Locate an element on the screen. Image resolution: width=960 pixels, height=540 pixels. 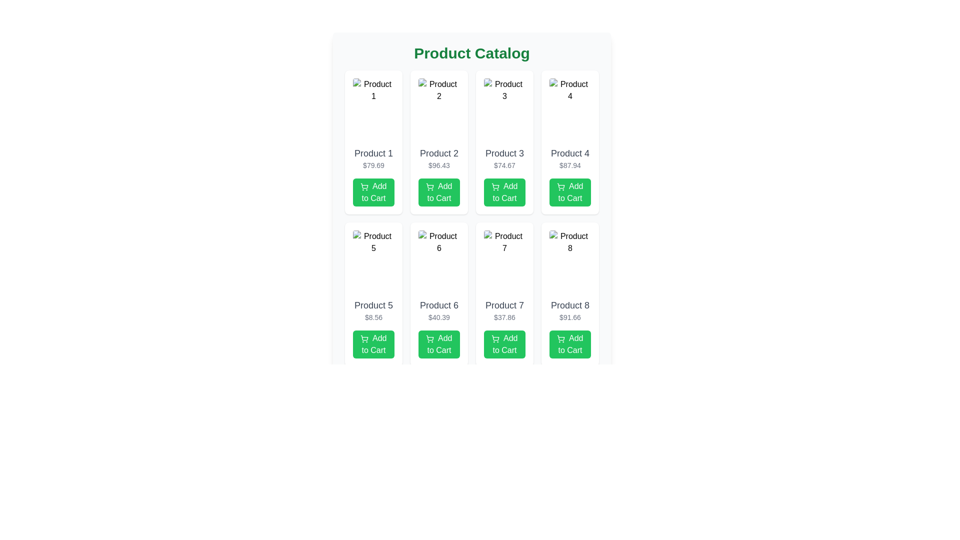
the 'Add to Cart' button, which is a rectangular button with rounded corners, displaying white text and a shopping cart icon, located at the bottom of the product card is located at coordinates (570, 344).